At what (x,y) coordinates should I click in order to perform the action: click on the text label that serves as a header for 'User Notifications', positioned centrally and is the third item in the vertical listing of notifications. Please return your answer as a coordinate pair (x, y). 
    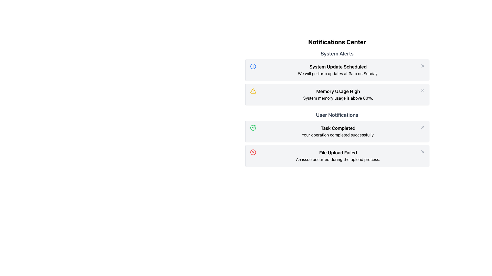
    Looking at the image, I should click on (337, 115).